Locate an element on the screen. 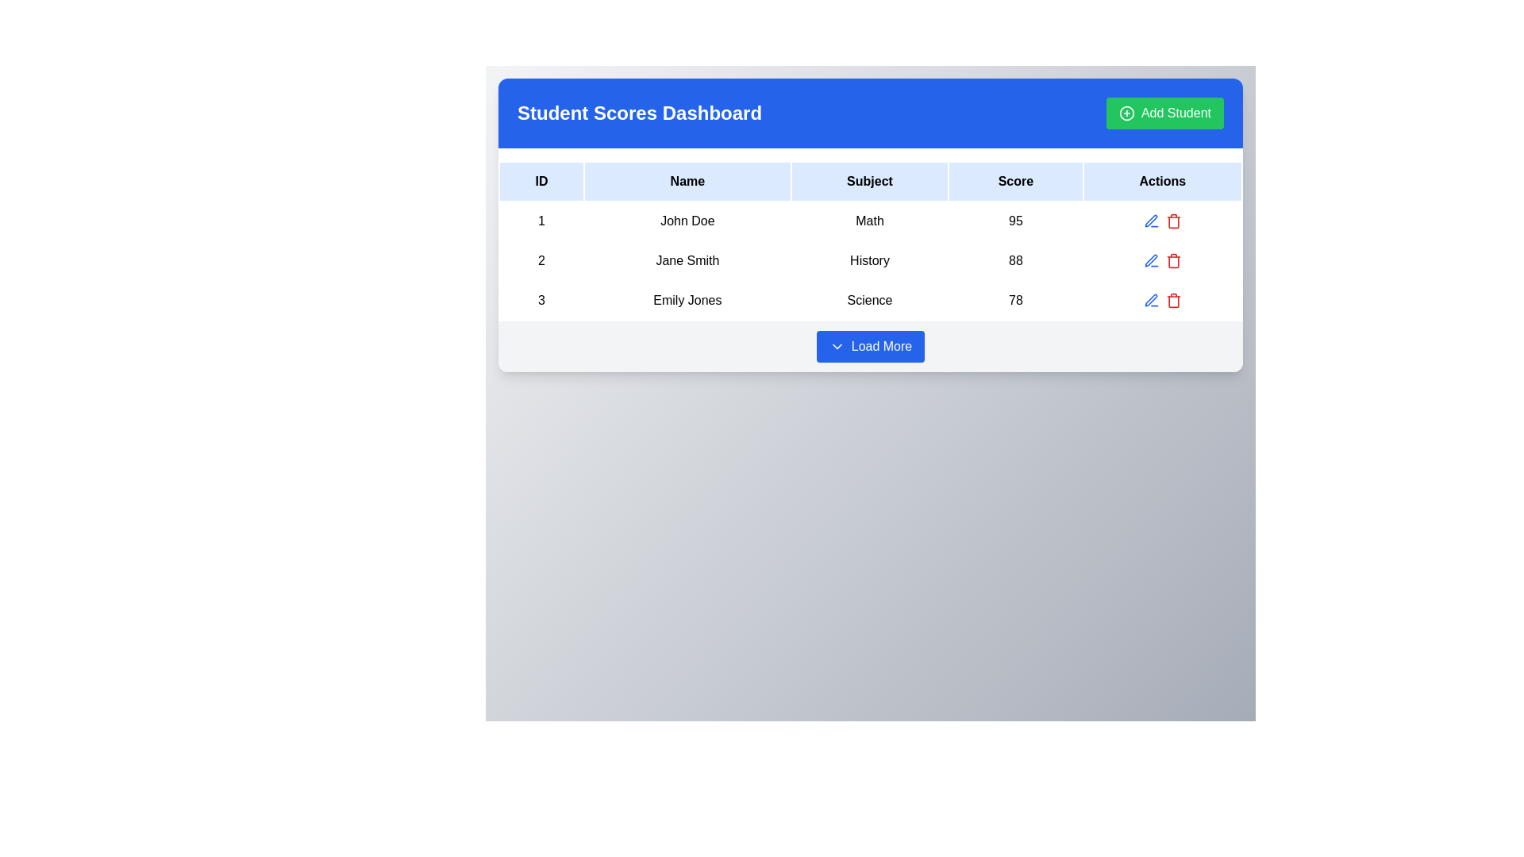  the text-based table cell displaying the score '95' for student 'John Doe' in the subject 'Math' located in the fourth column of the table is located at coordinates (1014, 221).